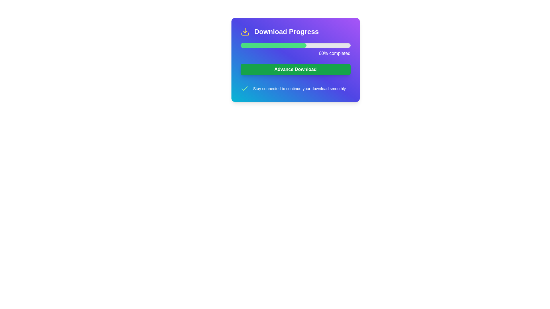 The width and height of the screenshot is (550, 309). What do you see at coordinates (295, 86) in the screenshot?
I see `the informational text block containing the phrase 'Stay connected to continue your download smoothly' that is styled with white text on a gradient background, located just below the green 'Advance Download' button` at bounding box center [295, 86].